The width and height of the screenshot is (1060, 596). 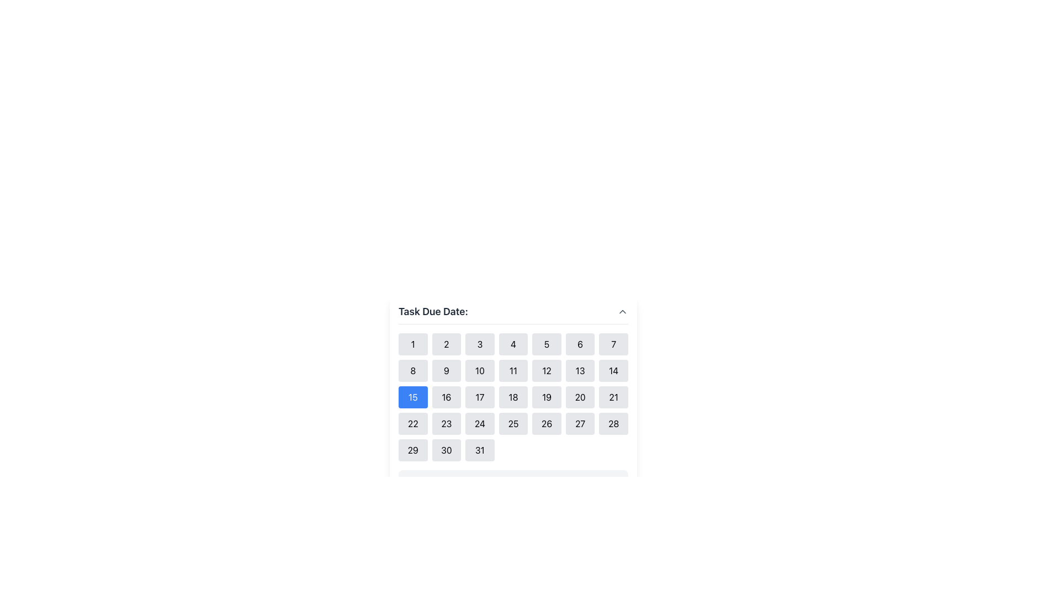 I want to click on the rectangular button with a rounded border containing the number '3', so click(x=480, y=344).